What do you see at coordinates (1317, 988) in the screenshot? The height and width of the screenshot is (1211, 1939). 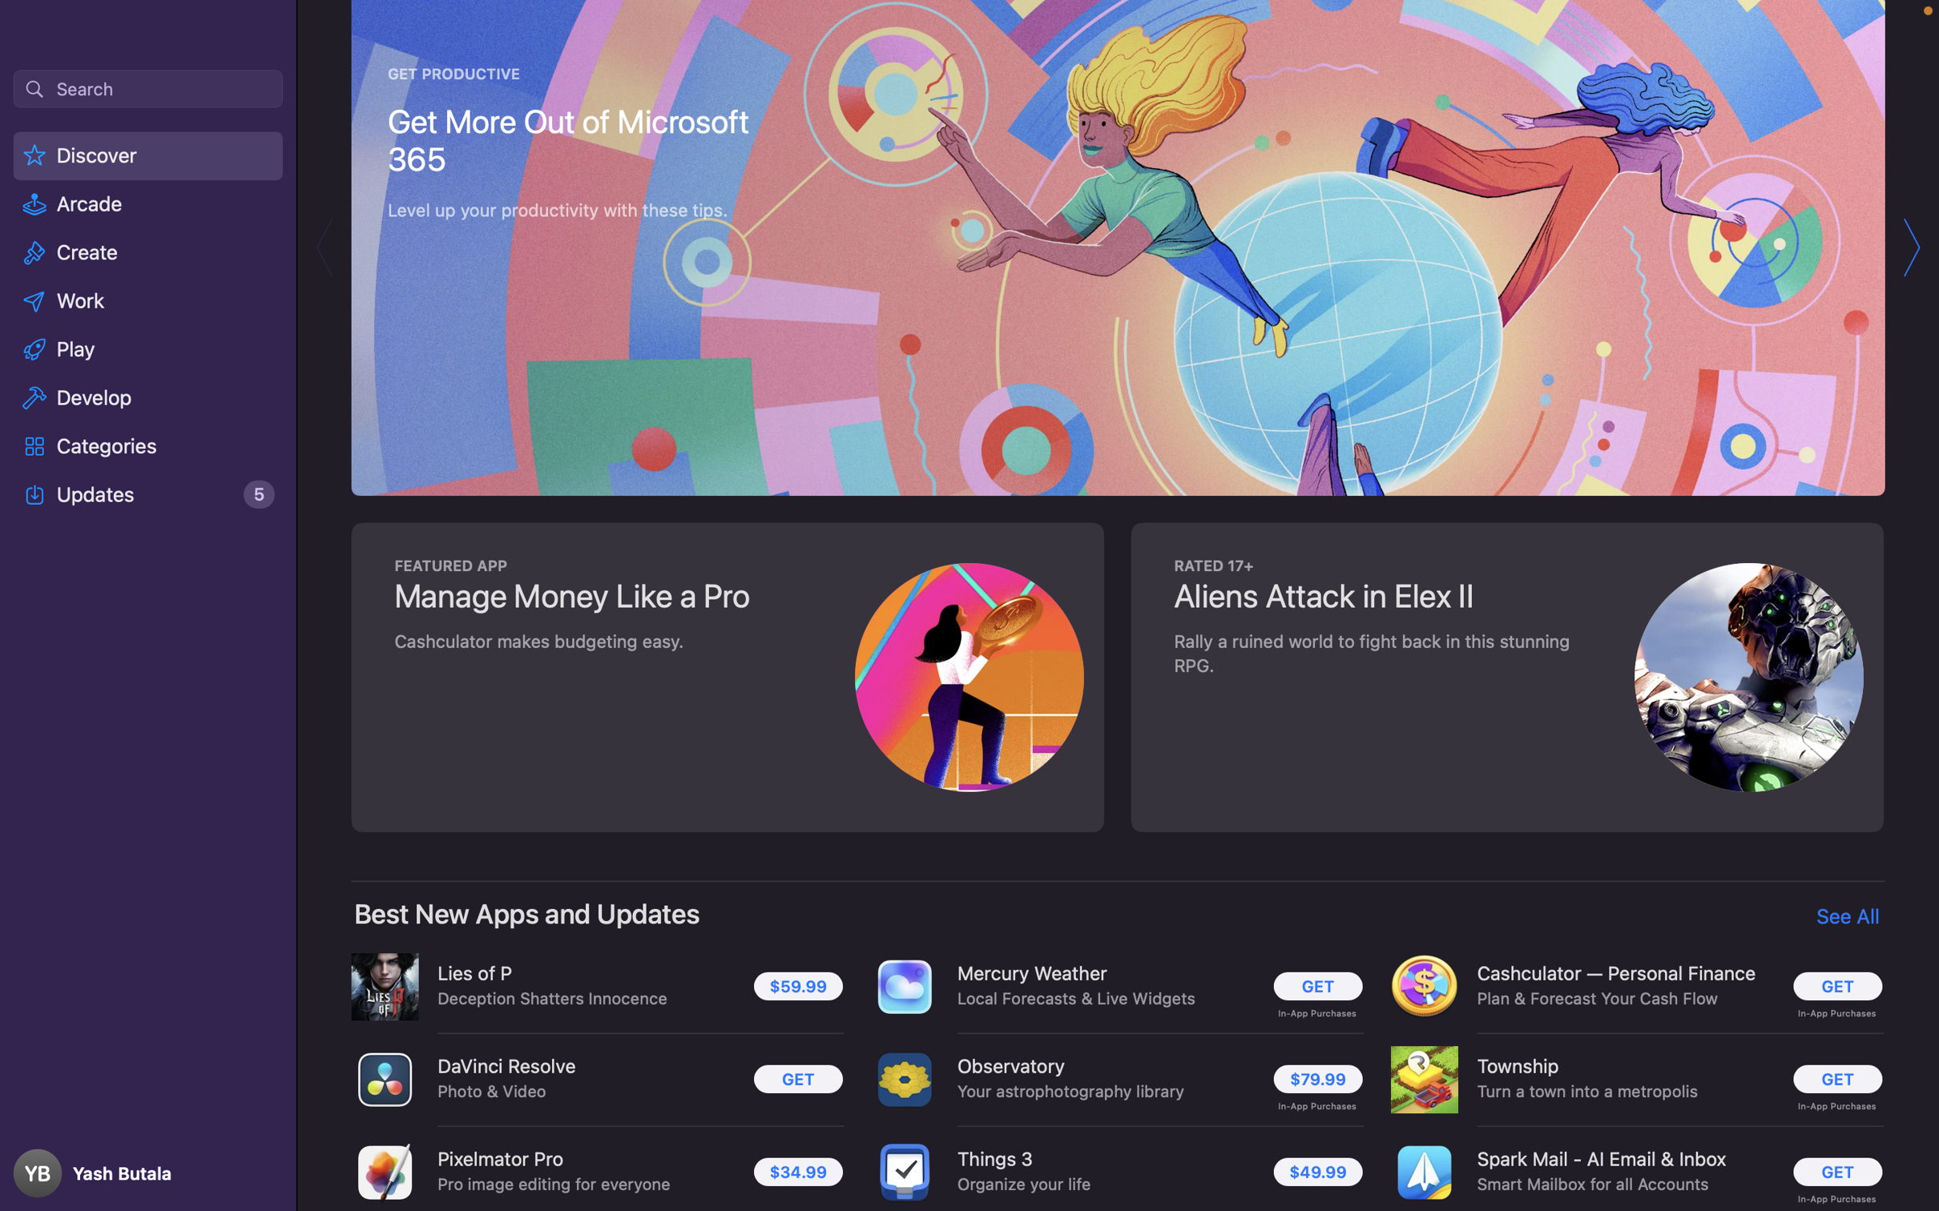 I see `Proceed with the installation of the Mercury Weather program` at bounding box center [1317, 988].